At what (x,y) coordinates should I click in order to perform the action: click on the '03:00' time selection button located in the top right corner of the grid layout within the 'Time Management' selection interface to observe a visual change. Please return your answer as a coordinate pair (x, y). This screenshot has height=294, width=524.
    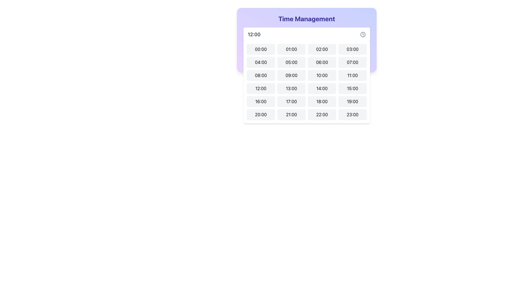
    Looking at the image, I should click on (352, 49).